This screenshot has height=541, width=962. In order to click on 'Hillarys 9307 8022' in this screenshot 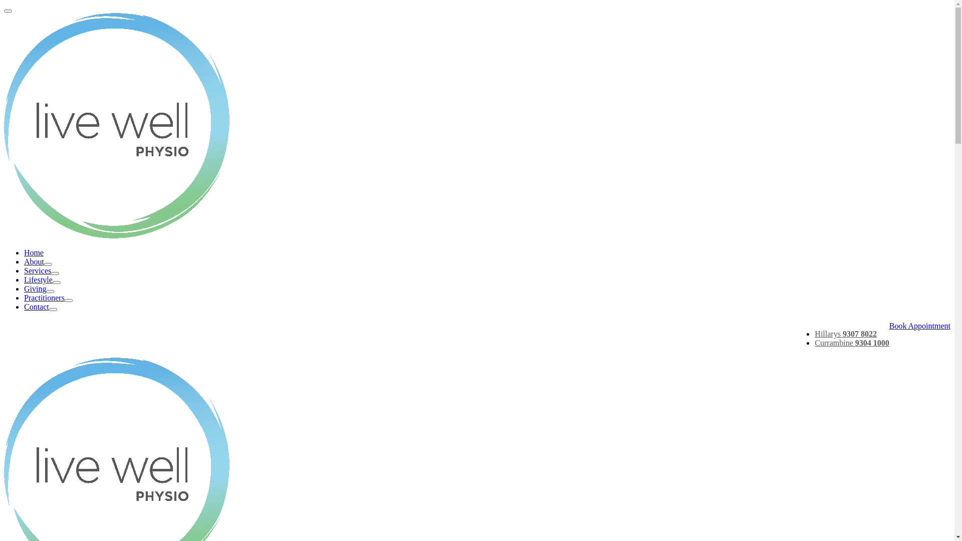, I will do `click(845, 334)`.